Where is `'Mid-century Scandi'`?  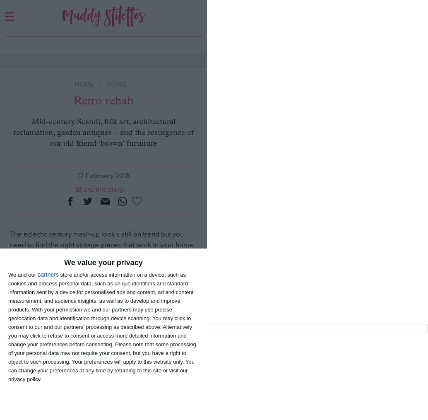
'Mid-century Scandi' is located at coordinates (51, 317).